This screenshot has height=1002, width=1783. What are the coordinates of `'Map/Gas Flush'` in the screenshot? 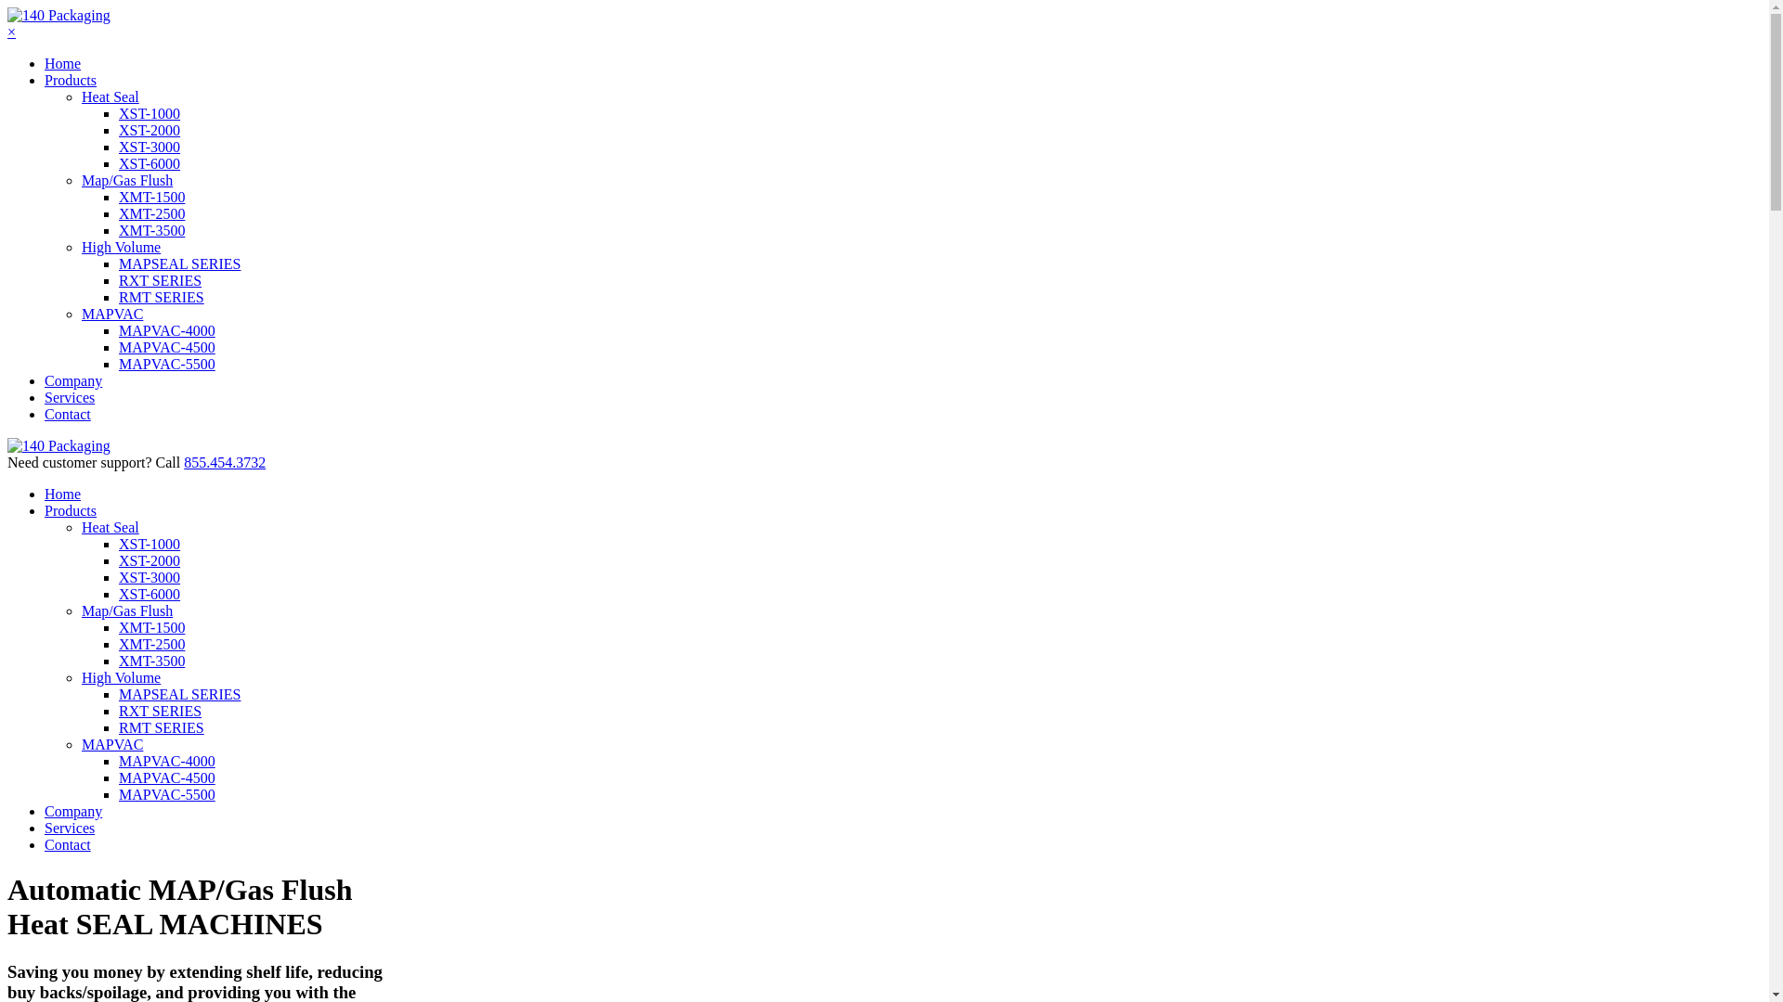 It's located at (126, 610).